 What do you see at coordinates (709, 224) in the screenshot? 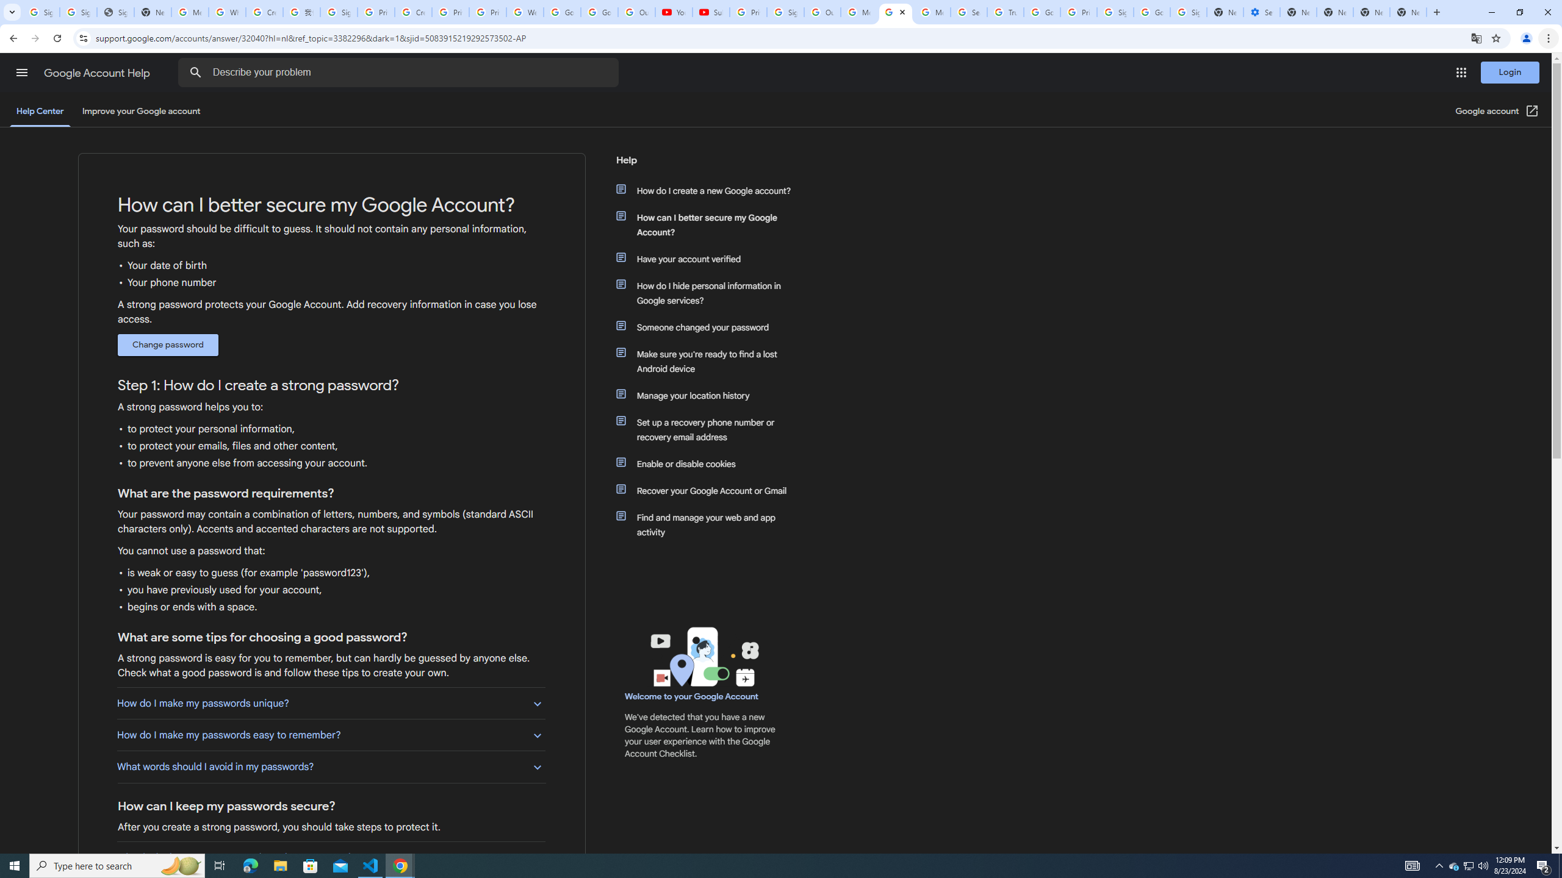
I see `'How can I better secure my Google Account?'` at bounding box center [709, 224].